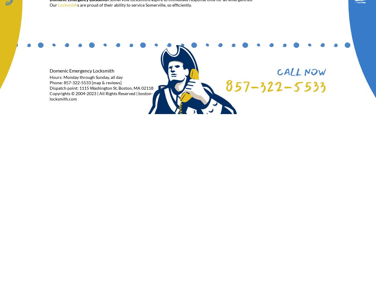  I want to click on 'Our', so click(54, 5).